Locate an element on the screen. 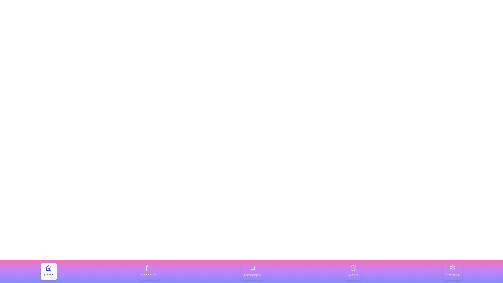 The height and width of the screenshot is (283, 503). the Messages tab to observe the animation is located at coordinates (252, 271).